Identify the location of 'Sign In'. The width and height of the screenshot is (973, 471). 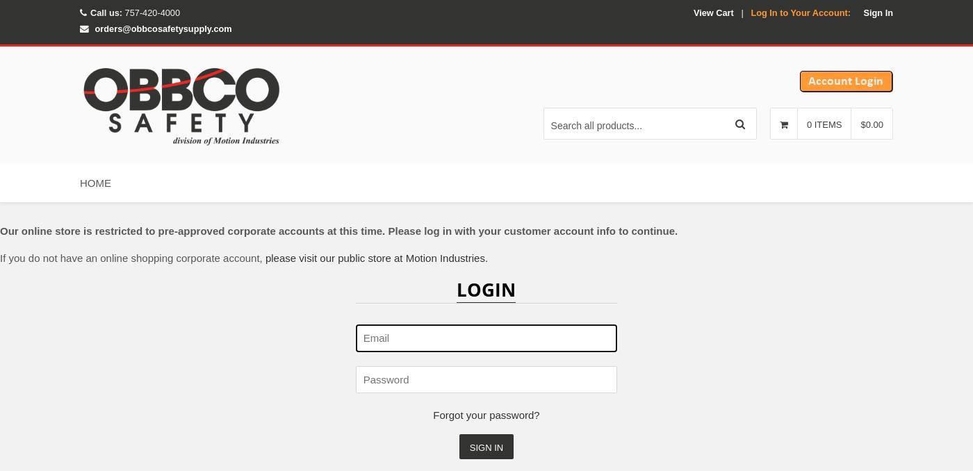
(878, 11).